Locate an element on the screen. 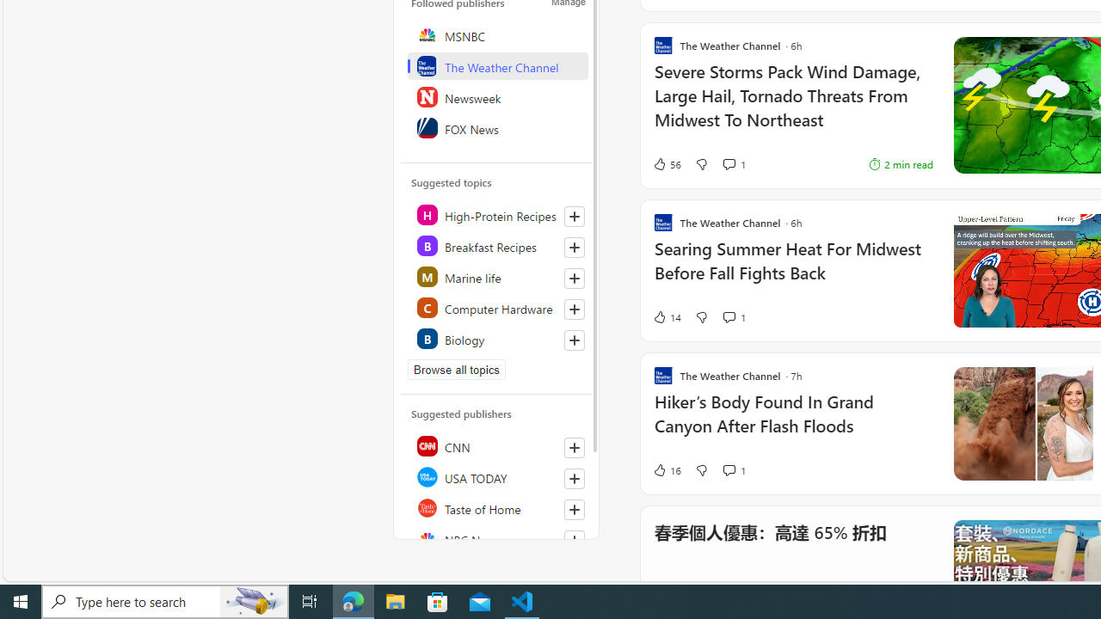 Image resolution: width=1101 pixels, height=619 pixels. 'NBC News' is located at coordinates (496, 538).